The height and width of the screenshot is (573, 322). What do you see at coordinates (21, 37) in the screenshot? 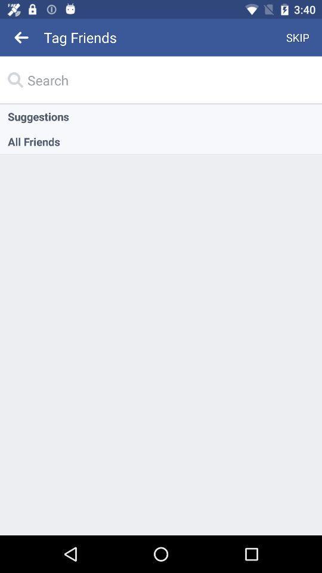
I see `the icon to the left of the tag friends item` at bounding box center [21, 37].